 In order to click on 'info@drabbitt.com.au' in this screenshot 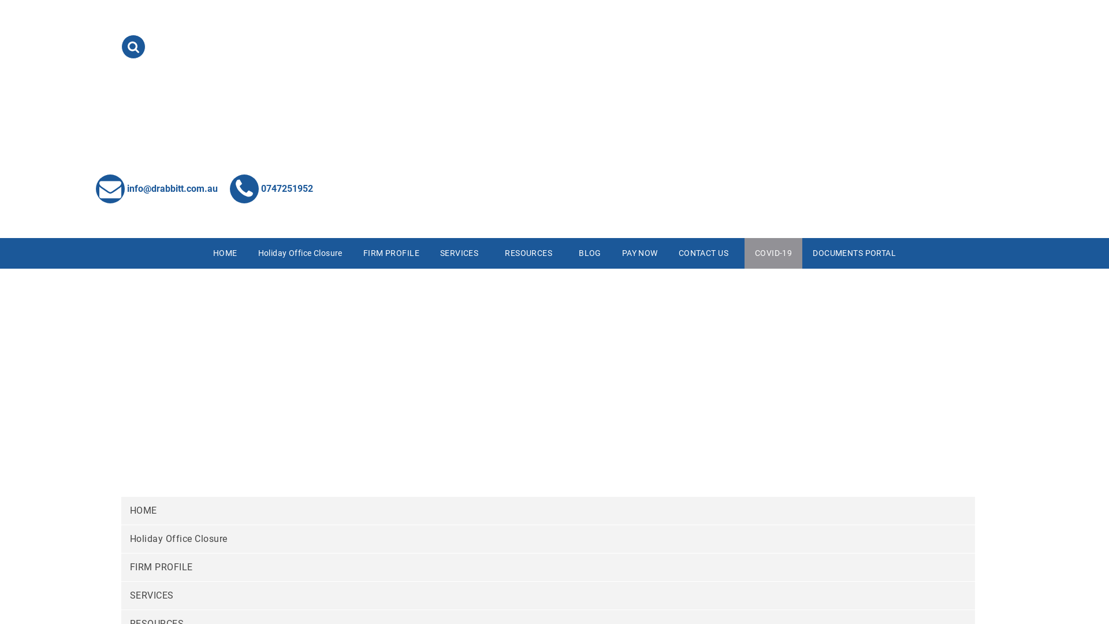, I will do `click(156, 187)`.